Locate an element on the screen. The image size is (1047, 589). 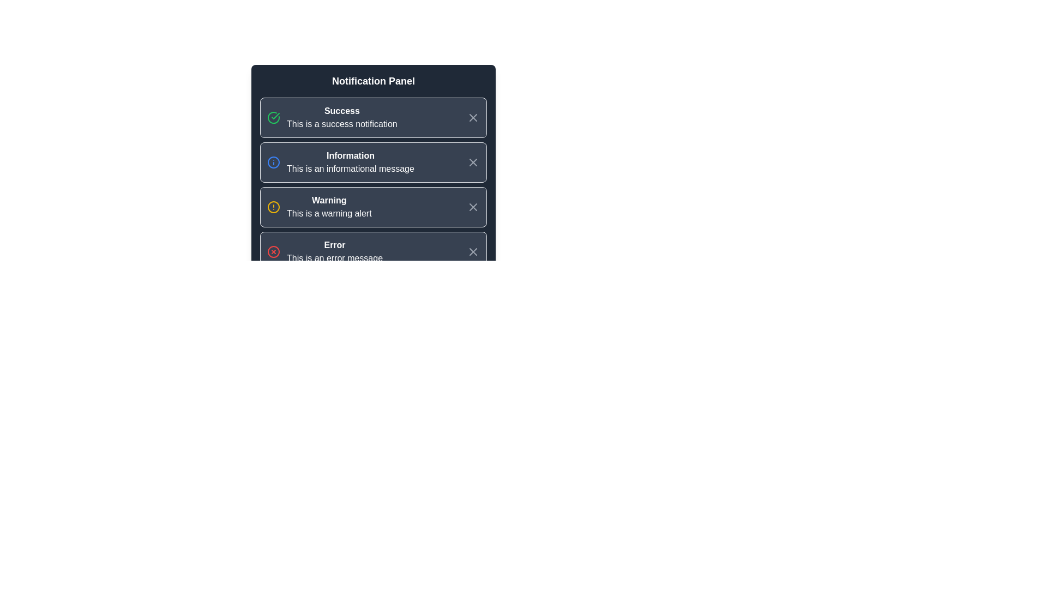
the 'Success' informational notification item, which features bolded text and a dark background, positioned at the top of the Notification Panel is located at coordinates (341, 118).